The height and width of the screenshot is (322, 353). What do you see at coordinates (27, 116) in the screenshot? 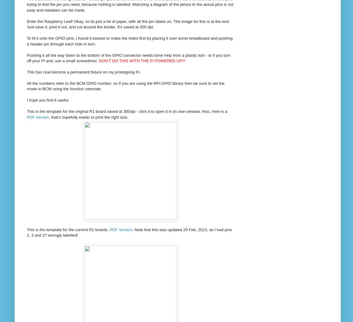
I see `'PDF version'` at bounding box center [27, 116].